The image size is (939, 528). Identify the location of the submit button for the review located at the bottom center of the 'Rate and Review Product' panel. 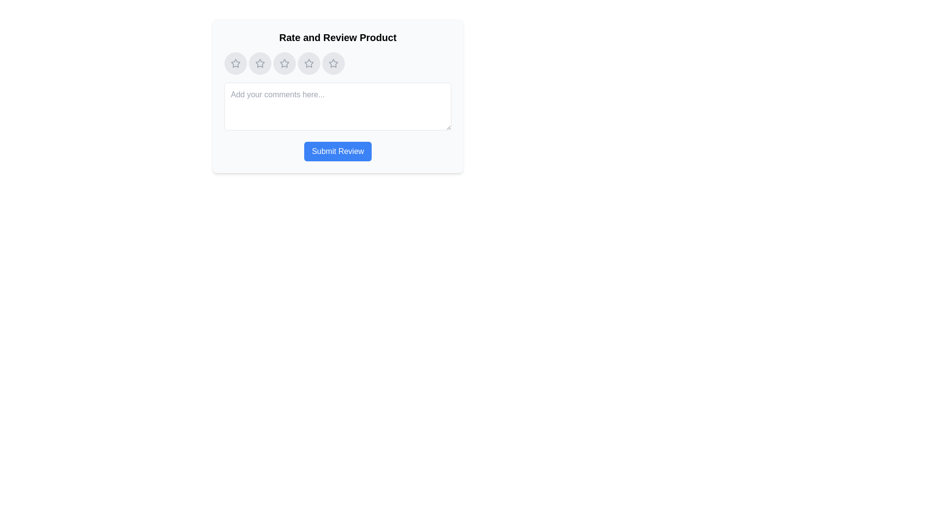
(338, 151).